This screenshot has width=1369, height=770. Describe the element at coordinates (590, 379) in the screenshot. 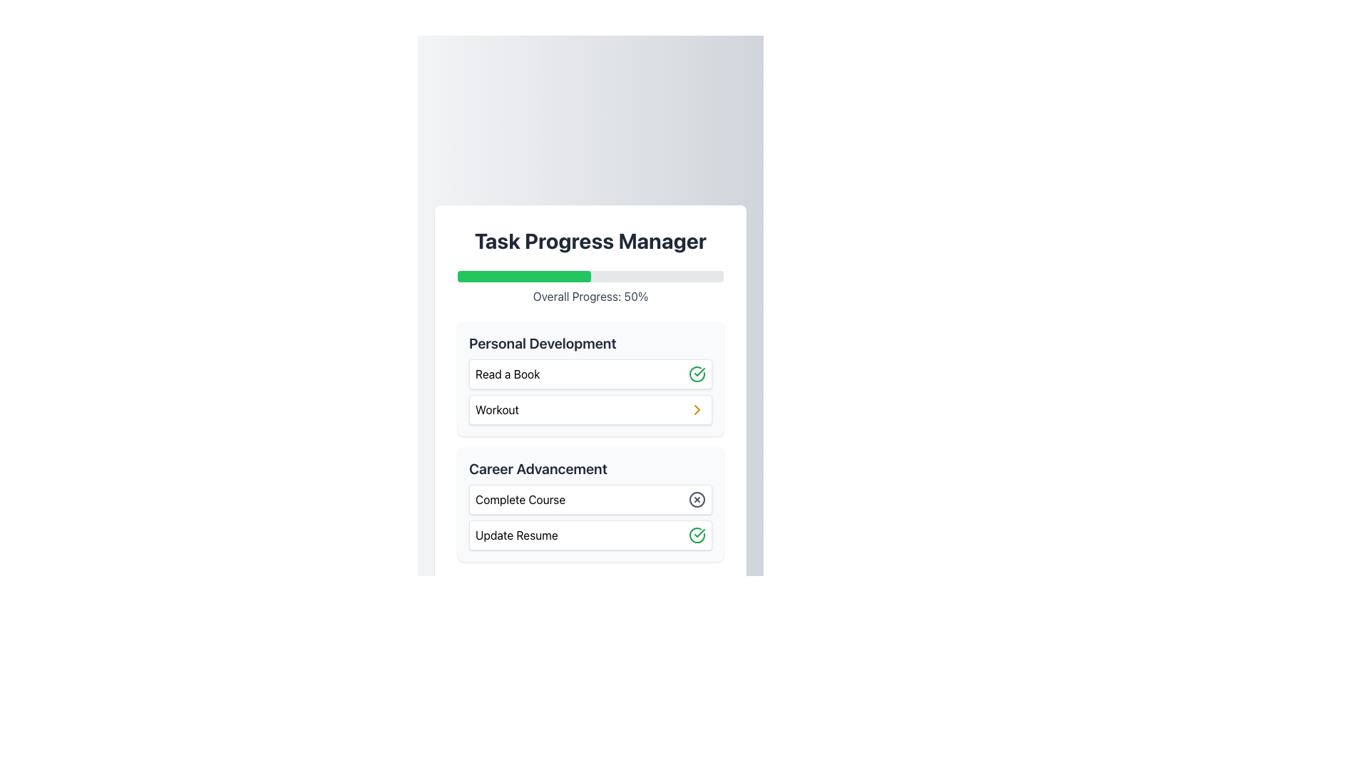

I see `the task section under 'Task Progress Manager'` at that location.